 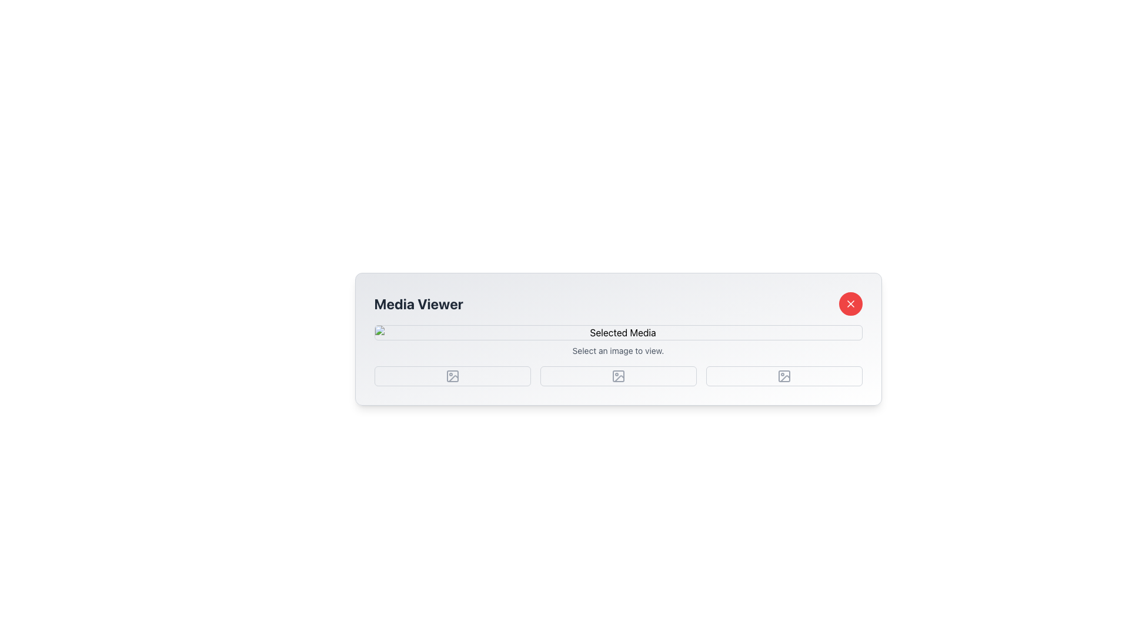 What do you see at coordinates (452, 376) in the screenshot?
I see `the icon button shaped like a picture frame with a circular mark and diagonal line` at bounding box center [452, 376].